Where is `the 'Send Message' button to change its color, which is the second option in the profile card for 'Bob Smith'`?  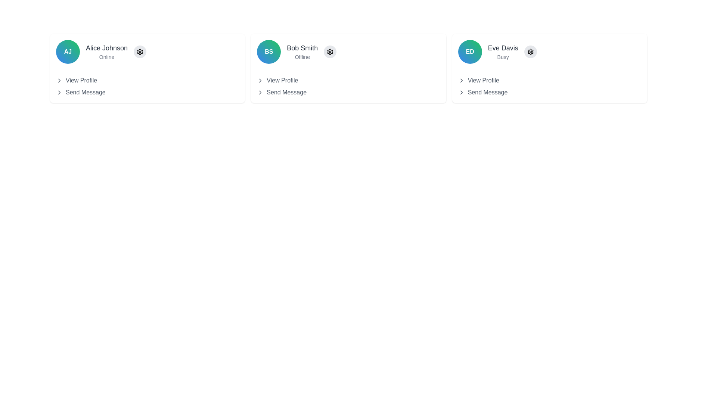 the 'Send Message' button to change its color, which is the second option in the profile card for 'Bob Smith' is located at coordinates (348, 92).